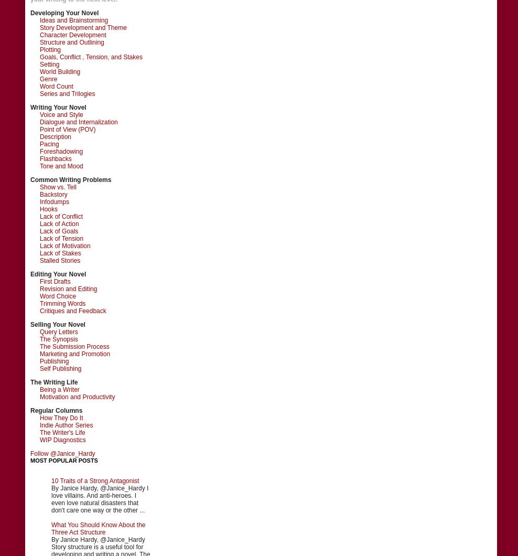  I want to click on 'The Writing Life', so click(54, 381).